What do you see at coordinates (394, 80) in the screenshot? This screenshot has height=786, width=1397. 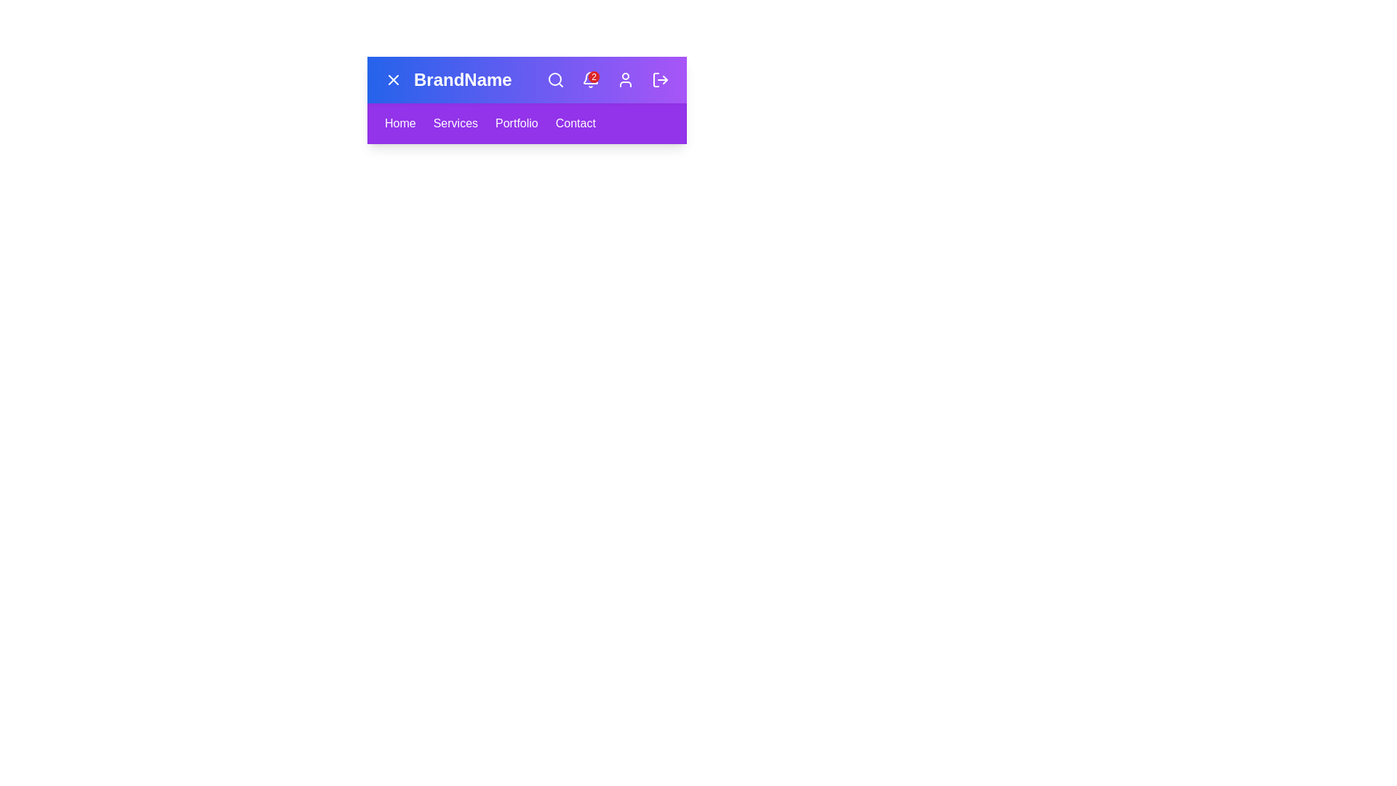 I see `the close button located at the top left corner of the navigation bar, adjacent to the 'BrandName' text, via keyboard navigation` at bounding box center [394, 80].